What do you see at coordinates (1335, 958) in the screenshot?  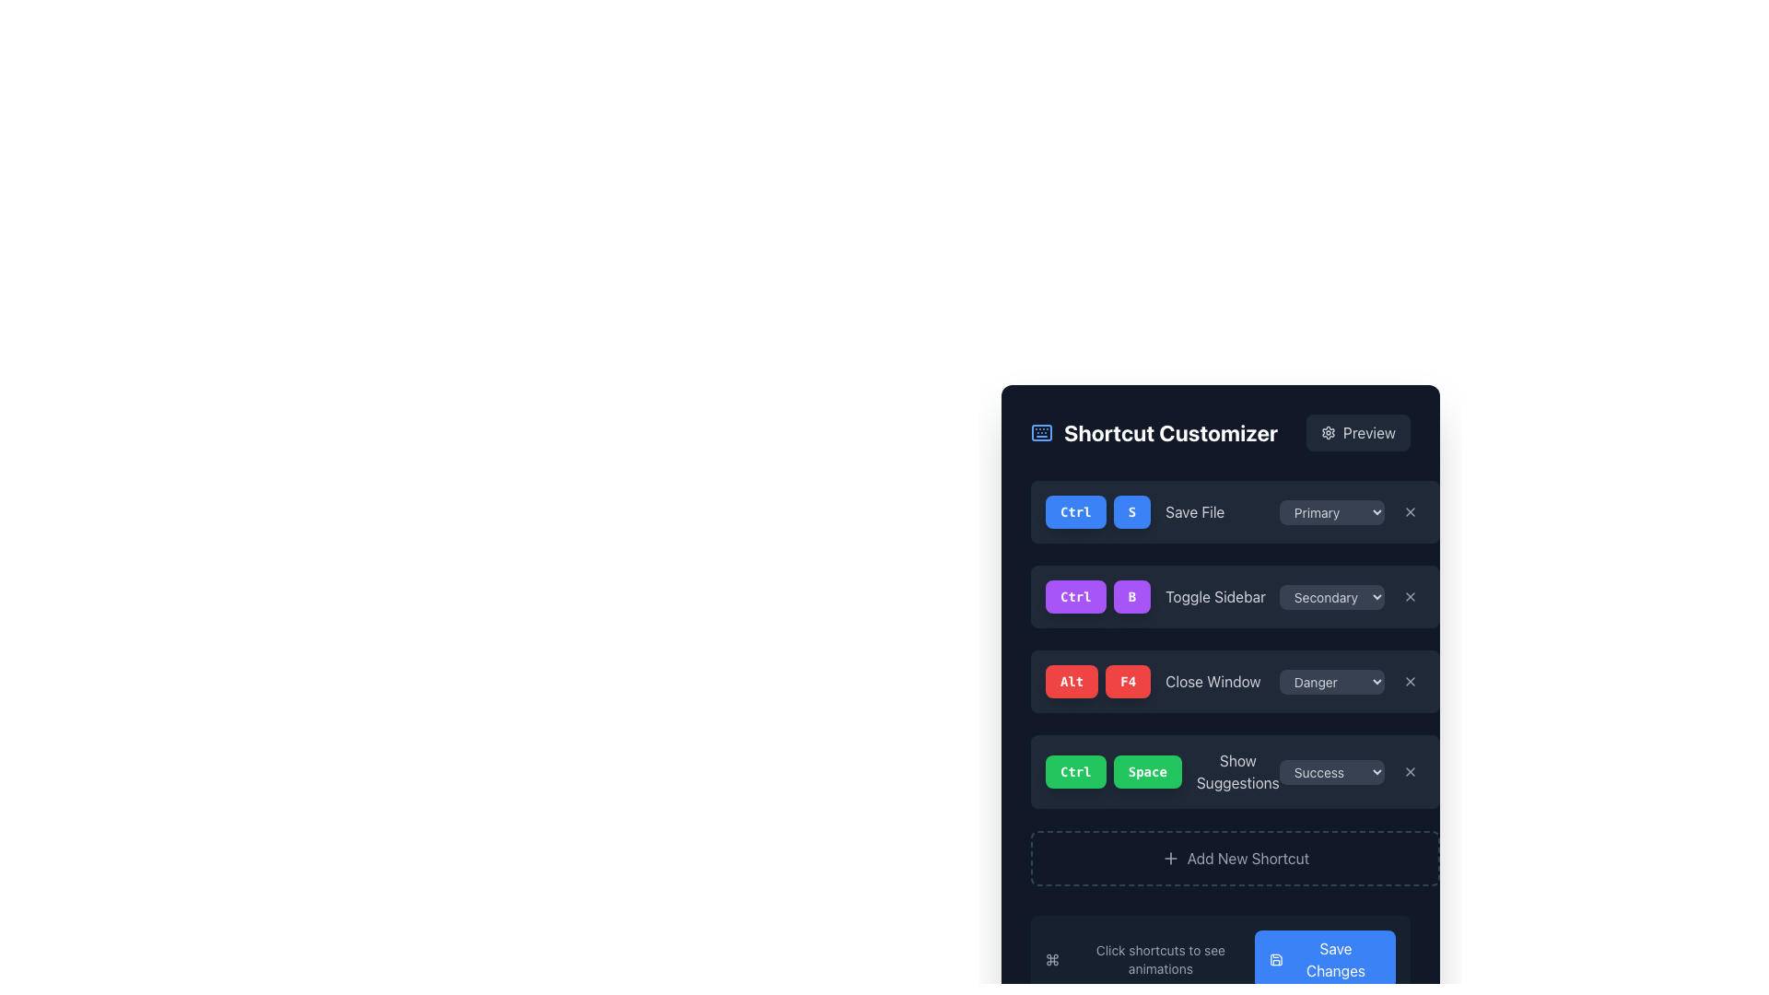 I see `the 'Save Changes' button located at the bottom right of the 'Shortcut Customizer' window, which is styled with white text on a blue rounded rectangular button` at bounding box center [1335, 958].